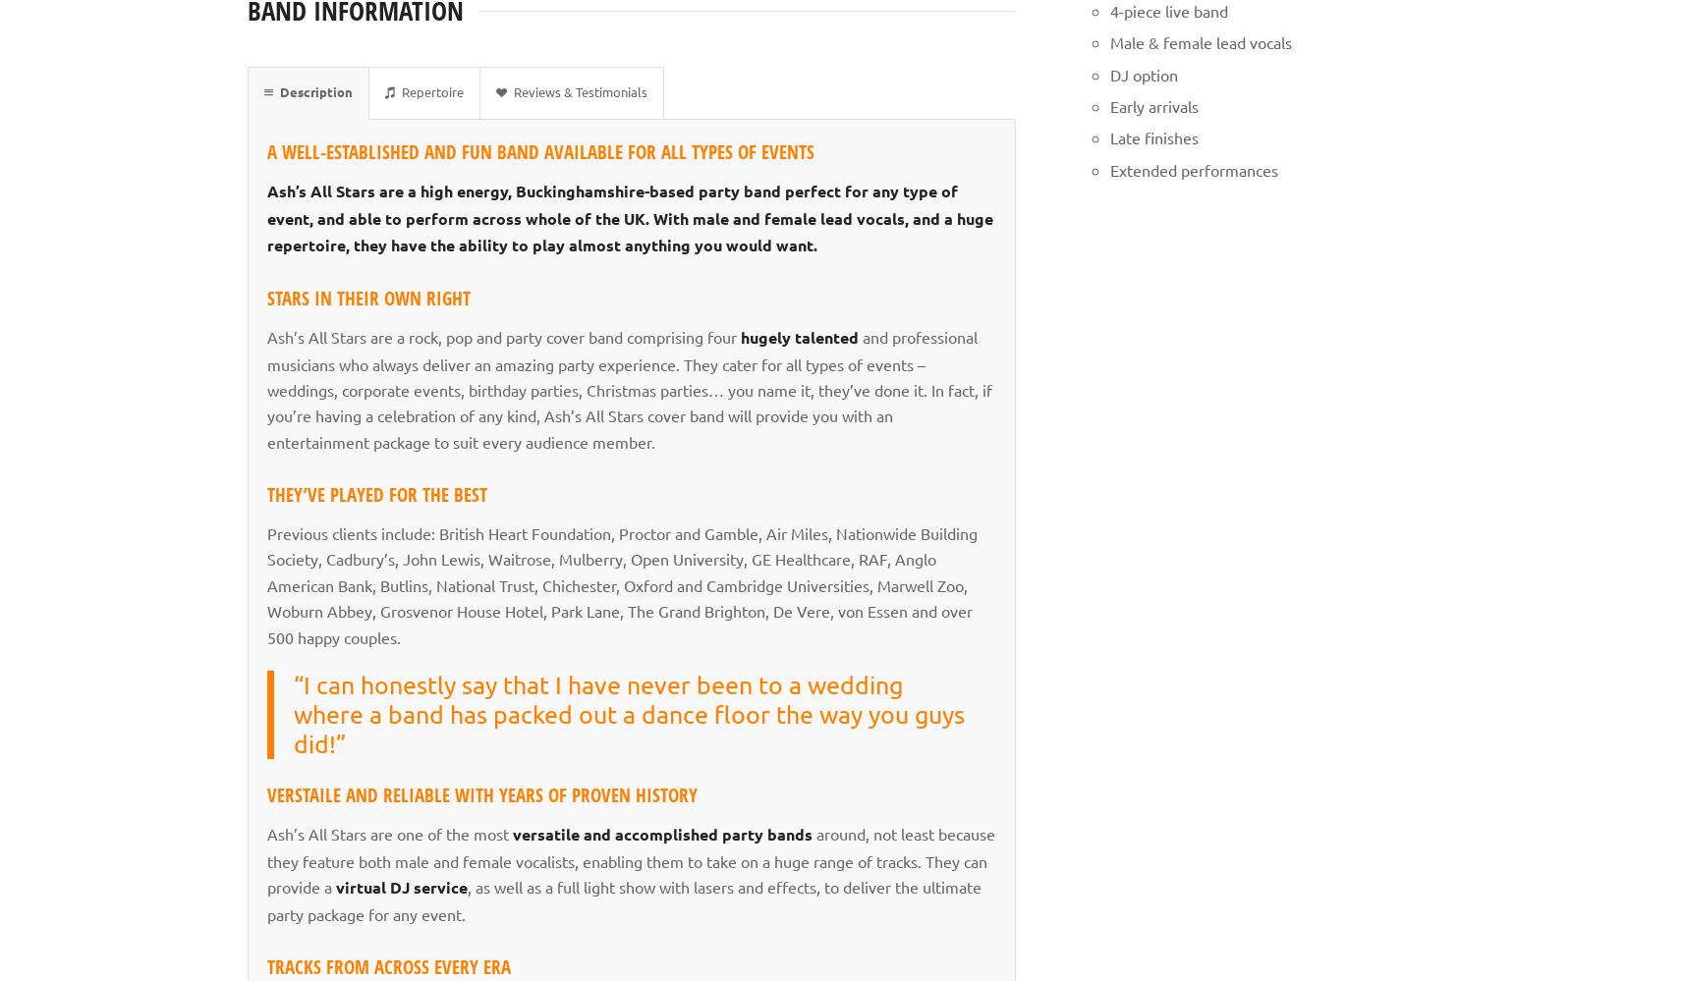 The image size is (1683, 981). What do you see at coordinates (630, 859) in the screenshot?
I see `'around, not least because they feature both male and female vocalists, enabling them to take on a huge range of tracks. They can provide a'` at bounding box center [630, 859].